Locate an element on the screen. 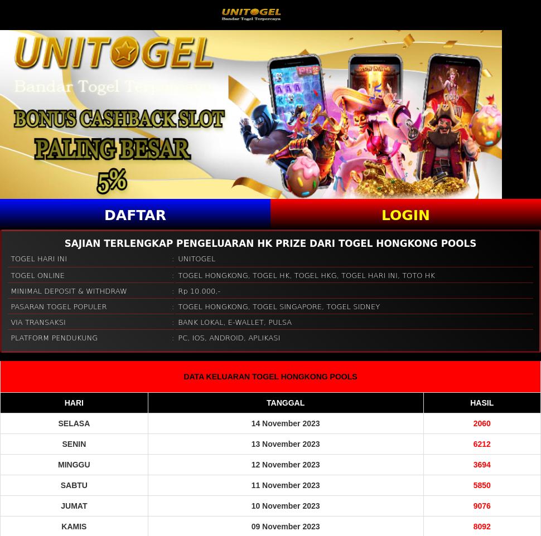 The image size is (541, 536). 'Rp 10.000,-' is located at coordinates (198, 290).